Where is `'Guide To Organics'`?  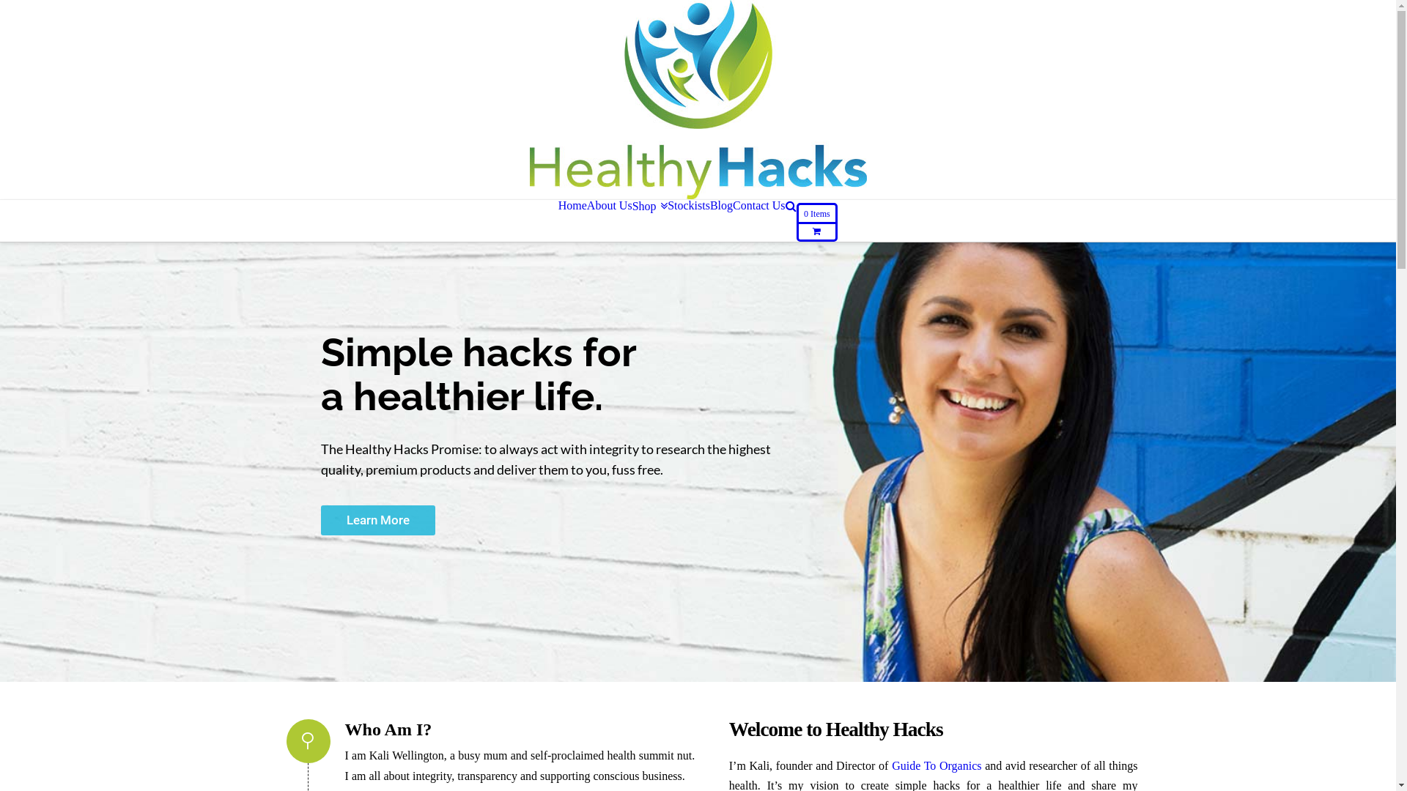
'Guide To Organics' is located at coordinates (891, 765).